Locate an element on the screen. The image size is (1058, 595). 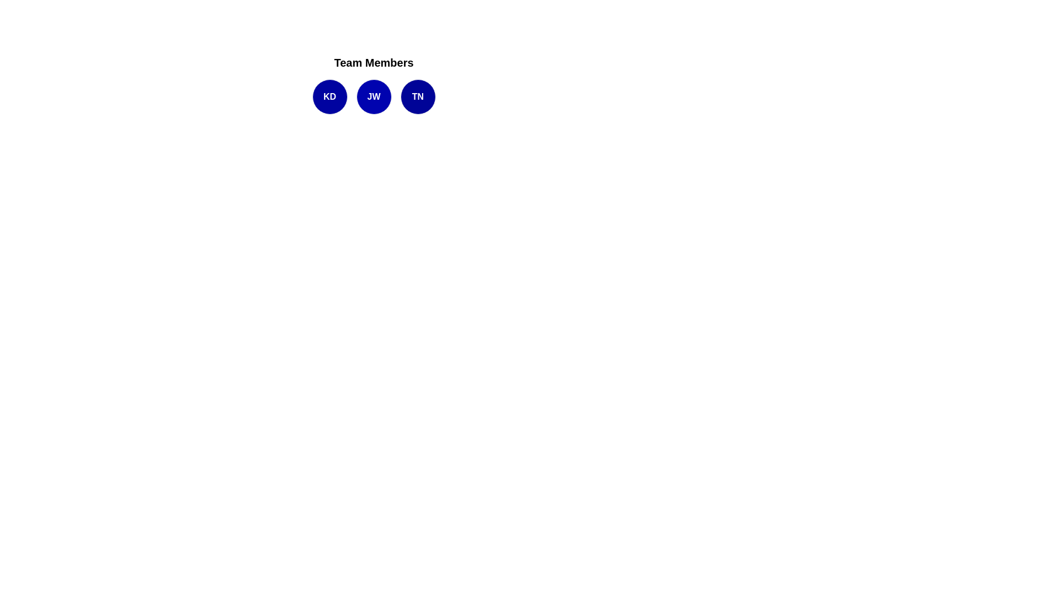
the third blue circle icon labeled 'TN' in the top center of the page, which follows the circles labeled 'KD' and 'JW' is located at coordinates (417, 96).